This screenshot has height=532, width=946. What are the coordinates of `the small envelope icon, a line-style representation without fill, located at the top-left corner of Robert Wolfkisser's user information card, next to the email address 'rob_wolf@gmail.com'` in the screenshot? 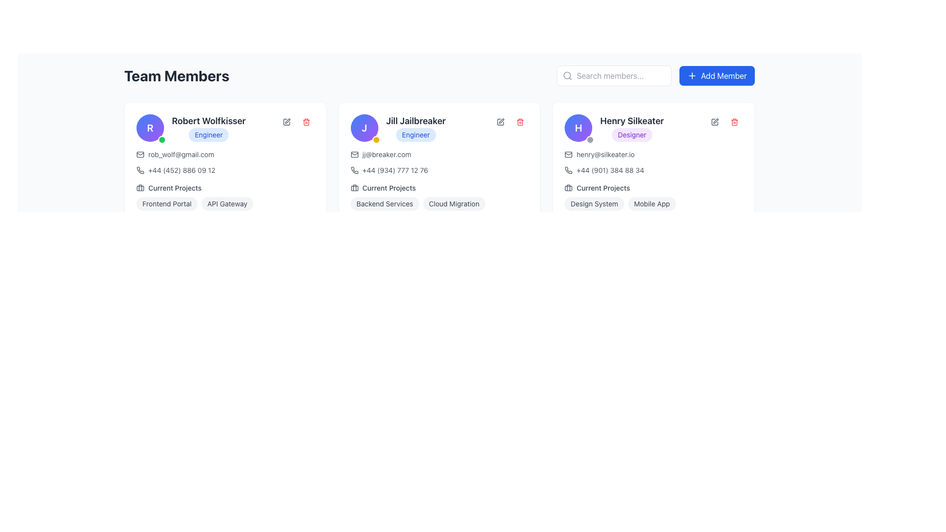 It's located at (139, 154).